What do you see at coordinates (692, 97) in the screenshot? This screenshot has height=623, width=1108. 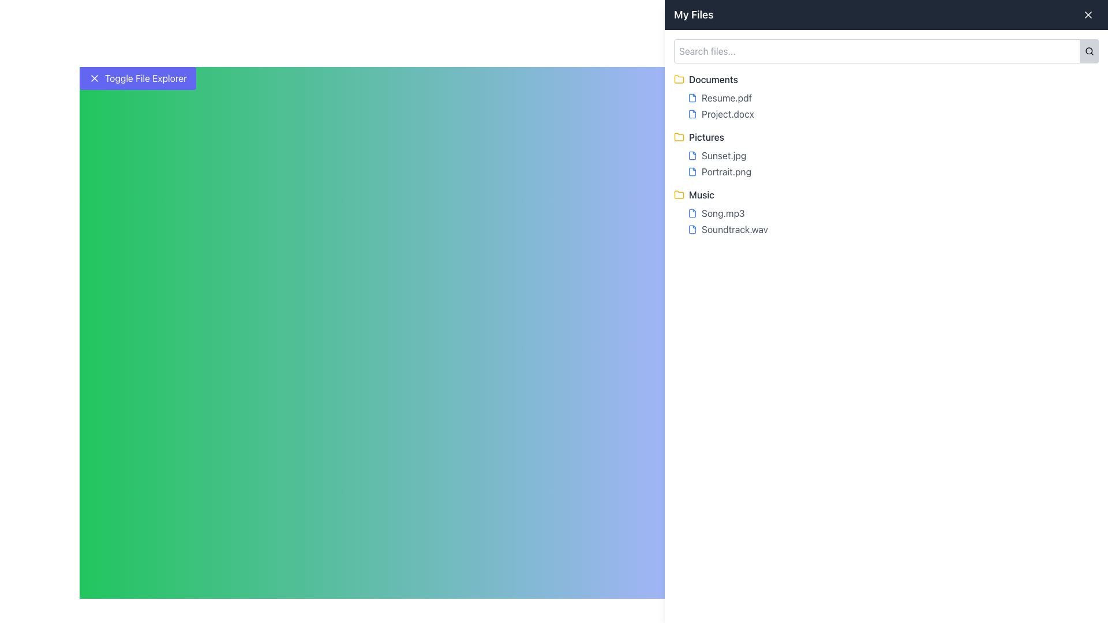 I see `the blue file icon representing 'Resume.pdf' located in the 'Documents' section of the file explorer` at bounding box center [692, 97].